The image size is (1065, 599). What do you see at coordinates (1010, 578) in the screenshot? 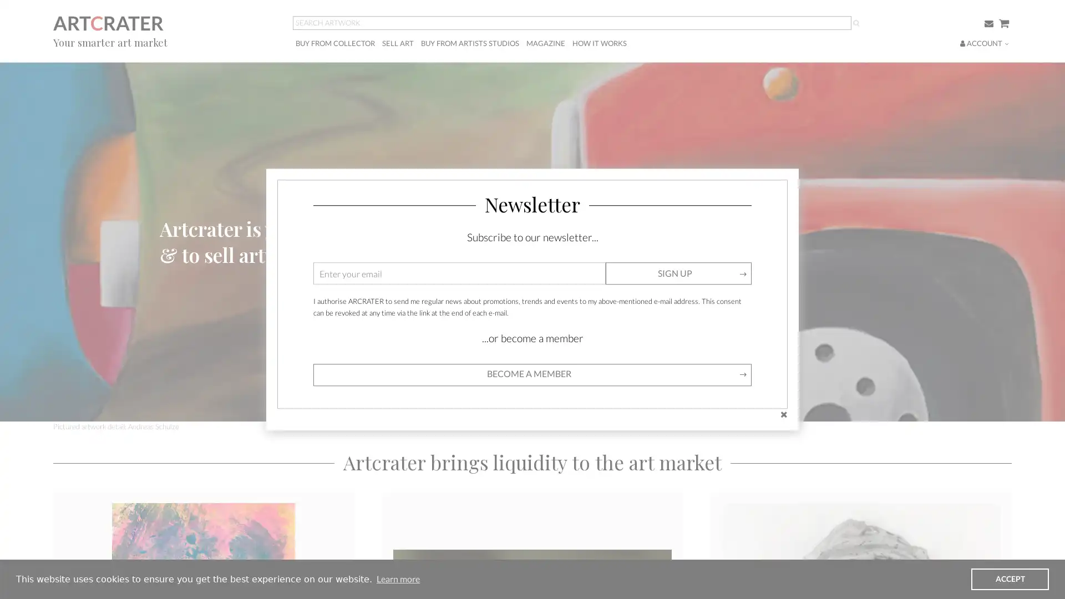
I see `dismiss cookie message` at bounding box center [1010, 578].